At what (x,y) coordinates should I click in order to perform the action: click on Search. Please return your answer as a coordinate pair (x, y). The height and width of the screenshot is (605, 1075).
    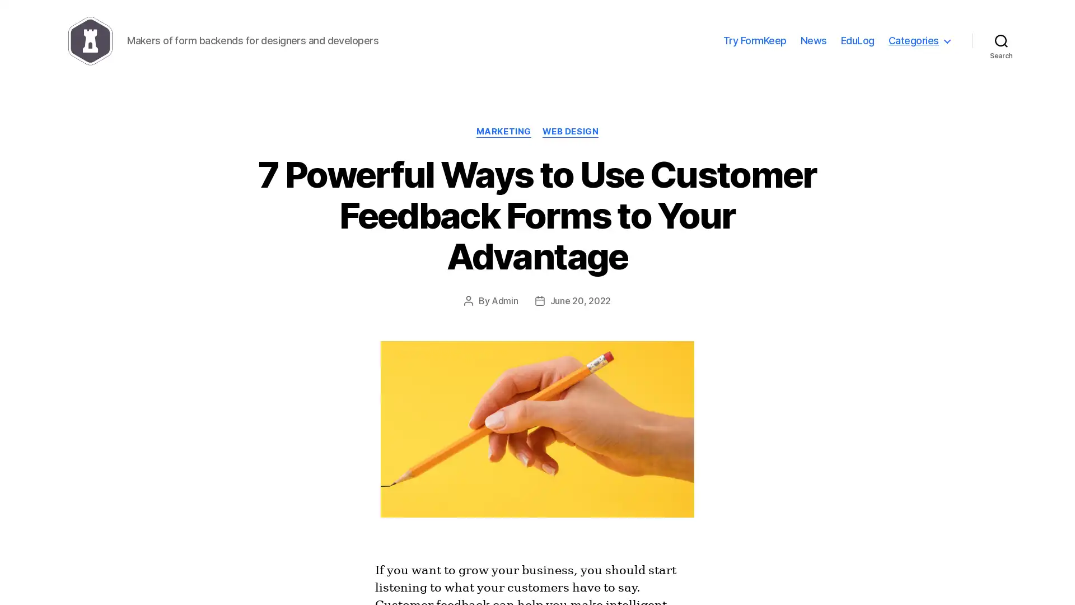
    Looking at the image, I should click on (1001, 40).